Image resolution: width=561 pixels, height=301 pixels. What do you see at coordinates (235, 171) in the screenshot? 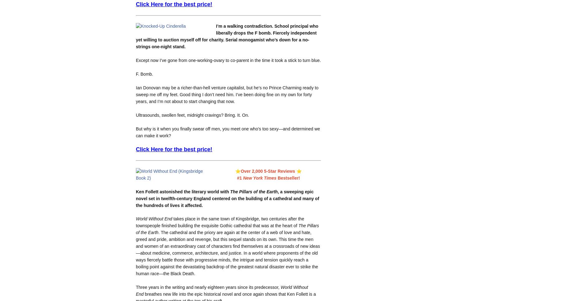
I see `'⭐Over 2,000 5-Star Reviews ⭐'` at bounding box center [235, 171].